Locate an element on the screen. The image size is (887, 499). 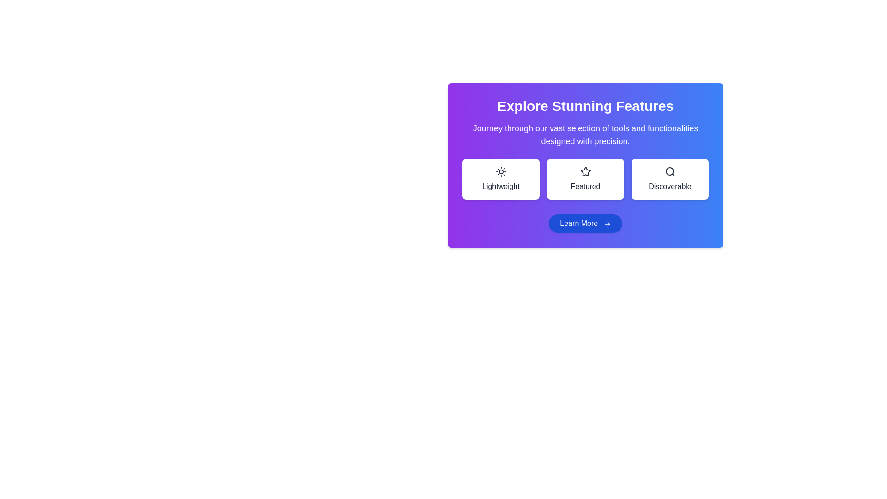
text 'Lightweight' from the text label located within the leftmost card element, below the sun icon is located at coordinates (500, 187).